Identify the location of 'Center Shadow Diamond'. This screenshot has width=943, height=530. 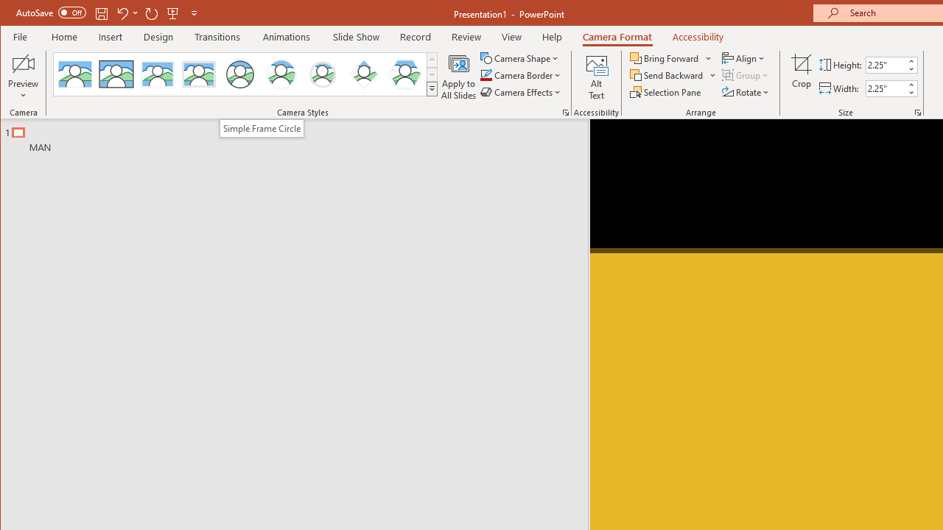
(364, 74).